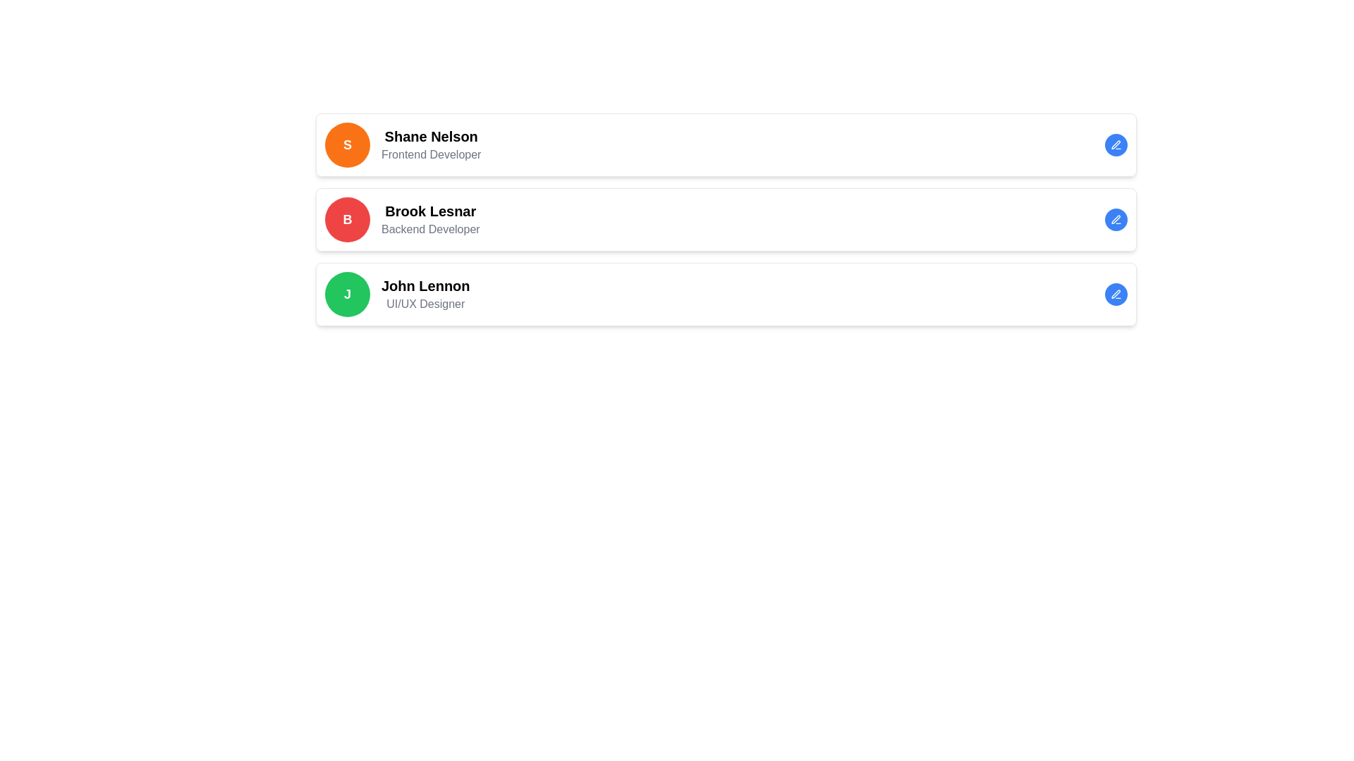 This screenshot has height=761, width=1354. What do you see at coordinates (1115, 219) in the screenshot?
I see `the circular blue button with a pen icon in the third row, which allows editing actions for 'John Lennon - UI/UX Designer'` at bounding box center [1115, 219].